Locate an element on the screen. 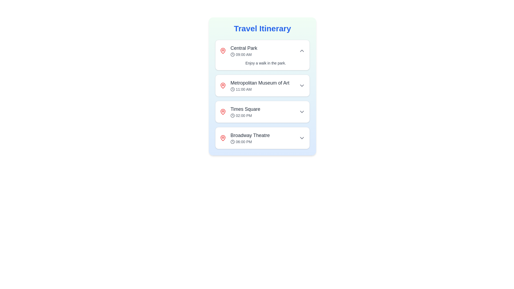 The image size is (514, 289). the time '11:00 AM' in the second itinerary entry for 'Metropolitan Museum of Art', which is represented with a red map pin icon and a clock icon is located at coordinates (262, 85).